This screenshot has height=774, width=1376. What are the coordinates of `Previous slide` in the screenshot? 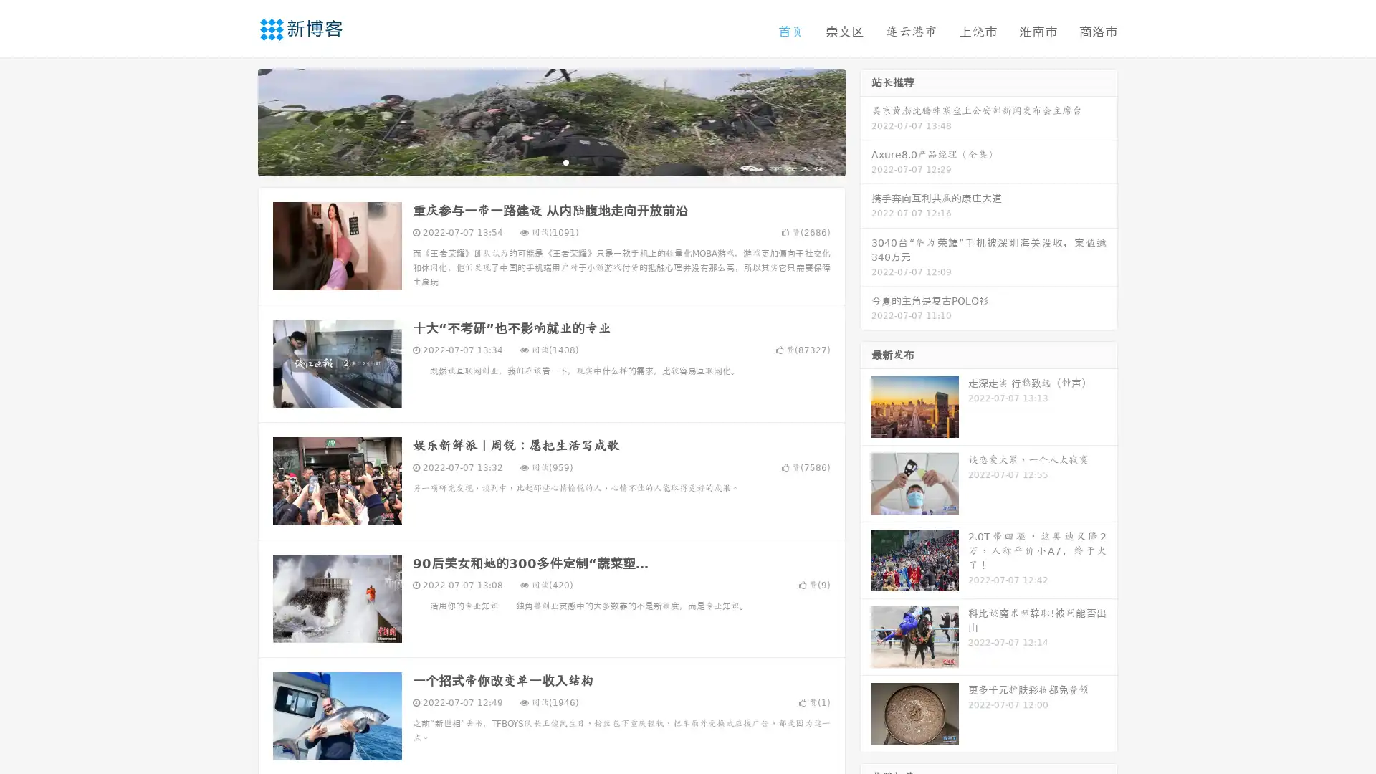 It's located at (236, 120).